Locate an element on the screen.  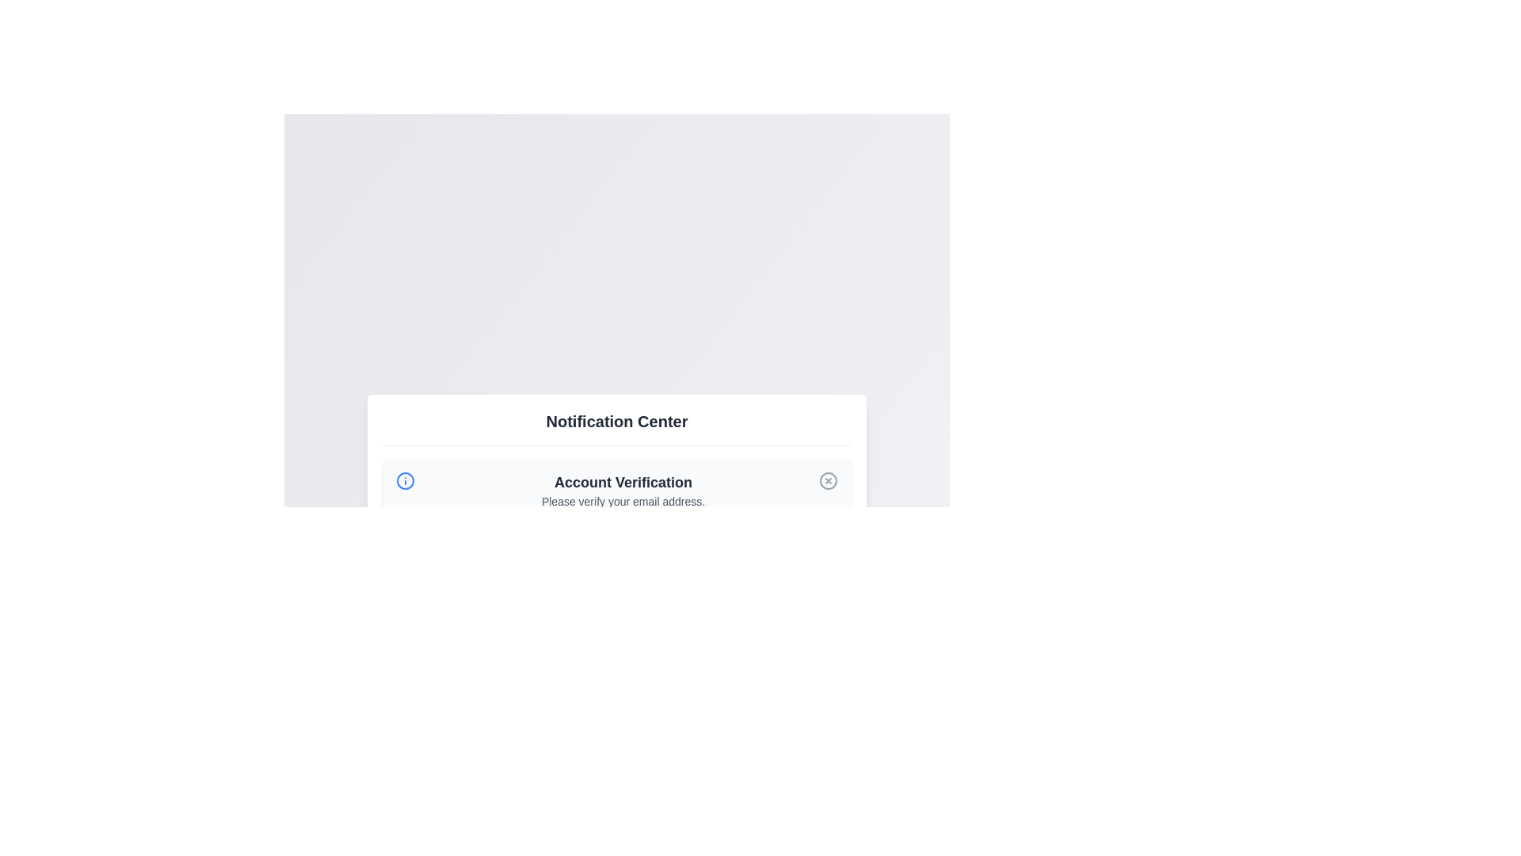
the close button in the top-right corner of the 'Account Verification' notification card is located at coordinates (828, 479).